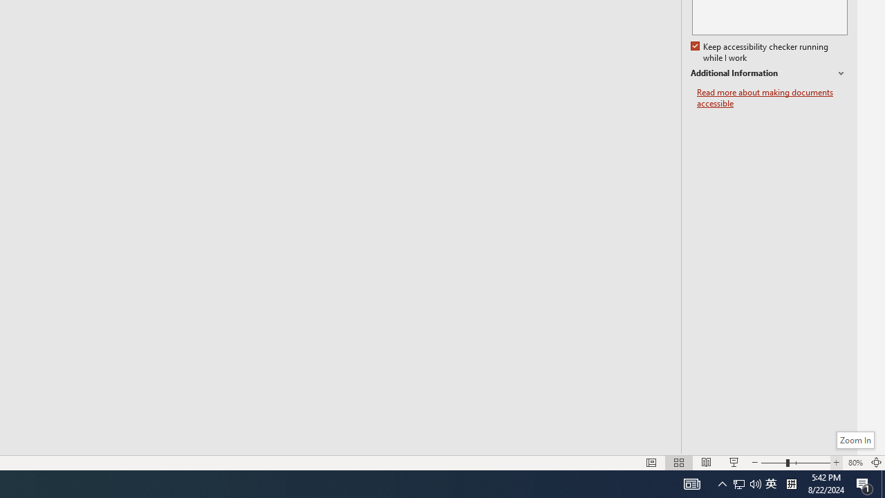 Image resolution: width=885 pixels, height=498 pixels. I want to click on 'Additional Information', so click(768, 73).